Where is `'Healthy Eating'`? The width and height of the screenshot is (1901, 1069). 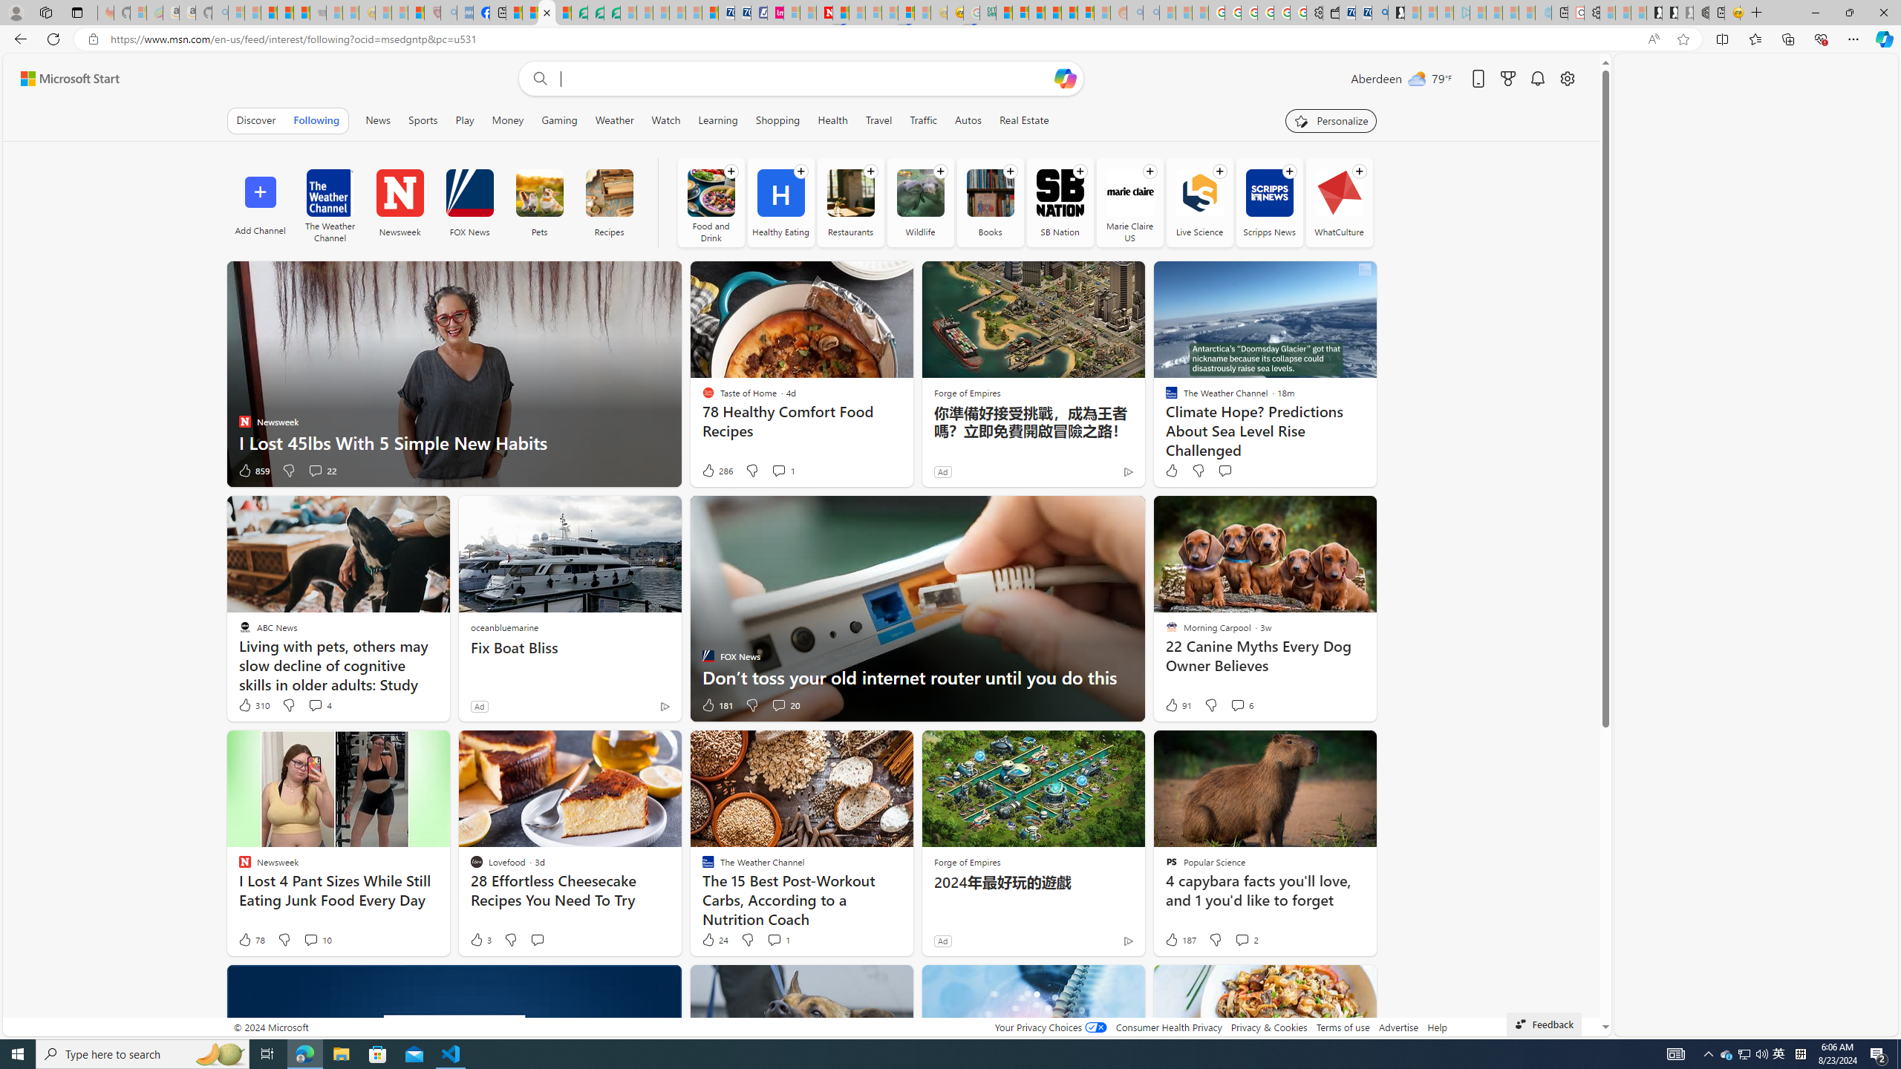
'Healthy Eating' is located at coordinates (780, 201).